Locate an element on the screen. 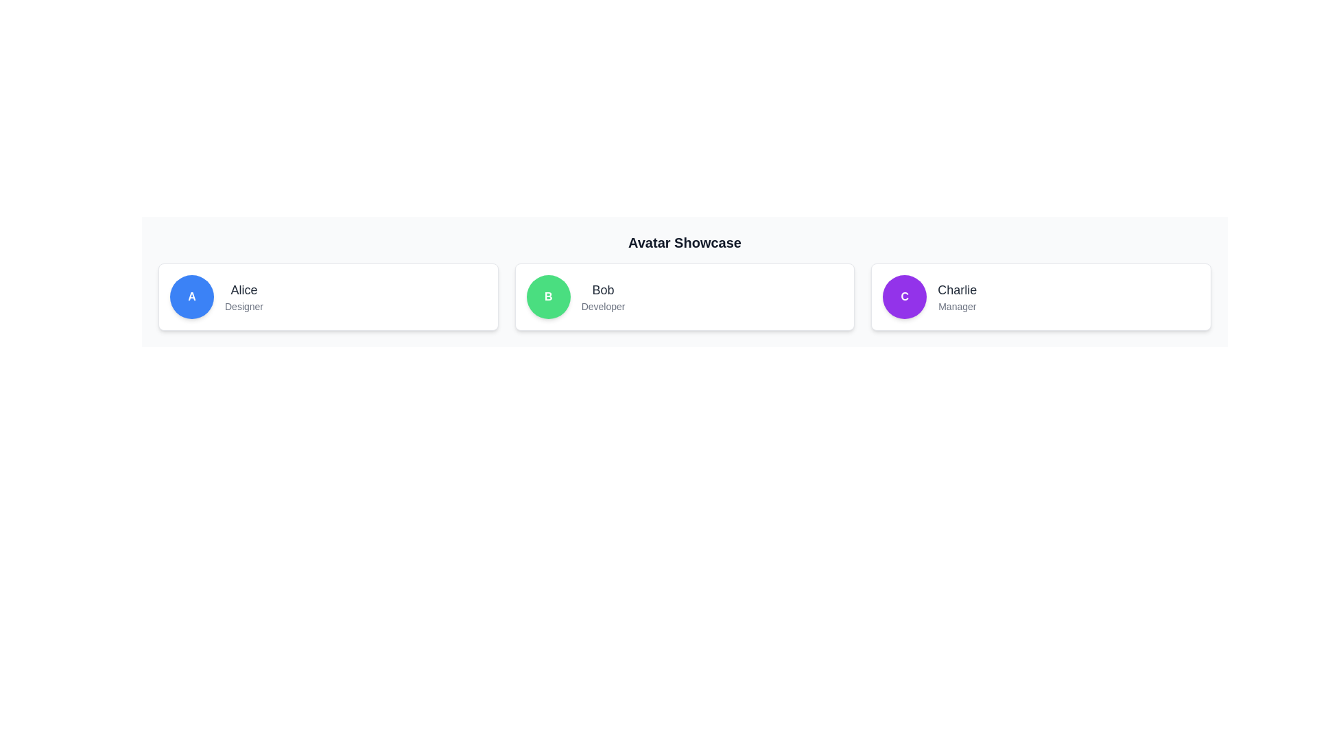 The height and width of the screenshot is (741, 1317). the text display element that shows 'Bob' in a larger medium gray font and 'Developer' in a smaller lighter gray font, located within a white background card with a green circular avatar marked with 'B' is located at coordinates (603, 296).